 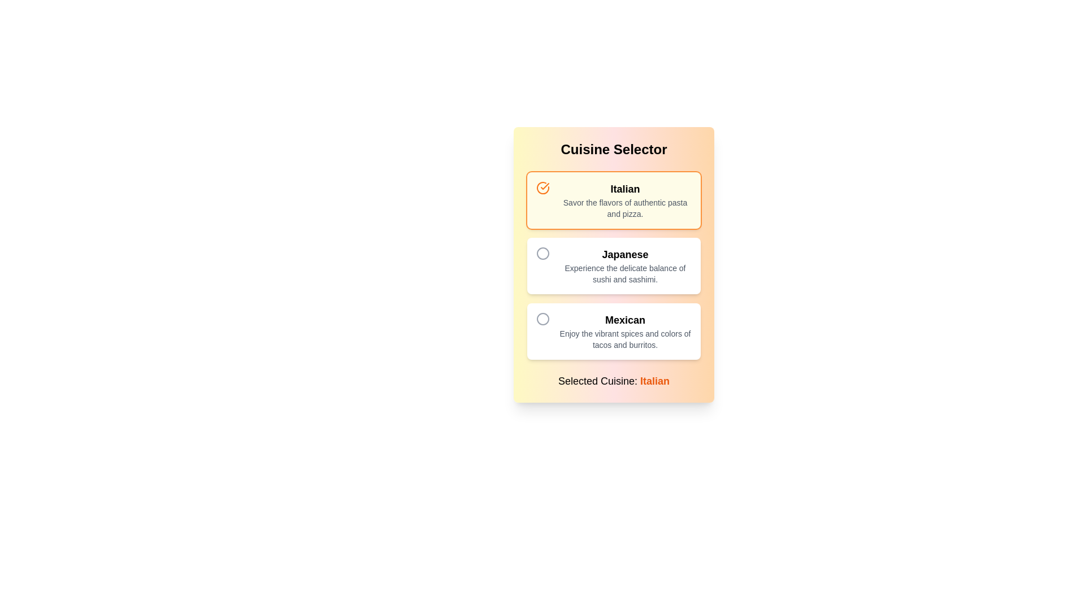 I want to click on the bold, large-sized text label saying 'Japanese' which serves as the title for the section about Japanese cuisine, located centrally above the description text and below the 'Cuisine Selector' label, so click(x=624, y=255).